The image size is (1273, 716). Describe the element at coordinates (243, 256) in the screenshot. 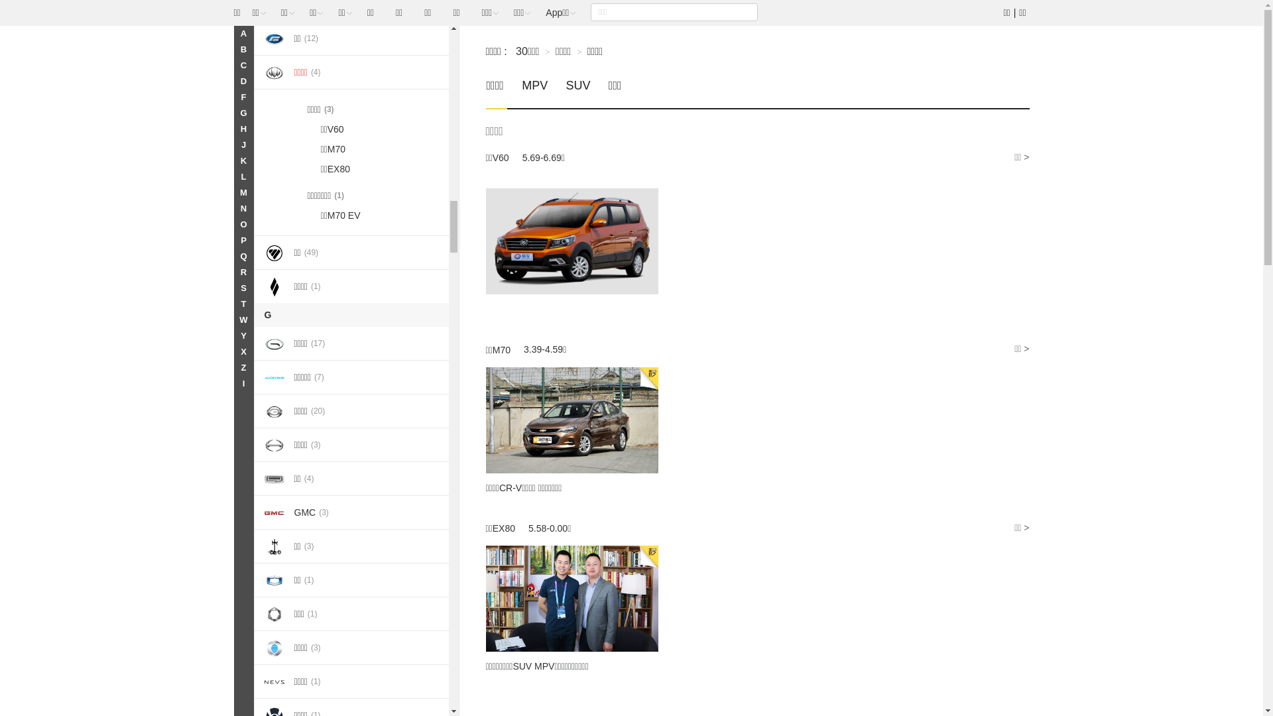

I see `'Q'` at that location.